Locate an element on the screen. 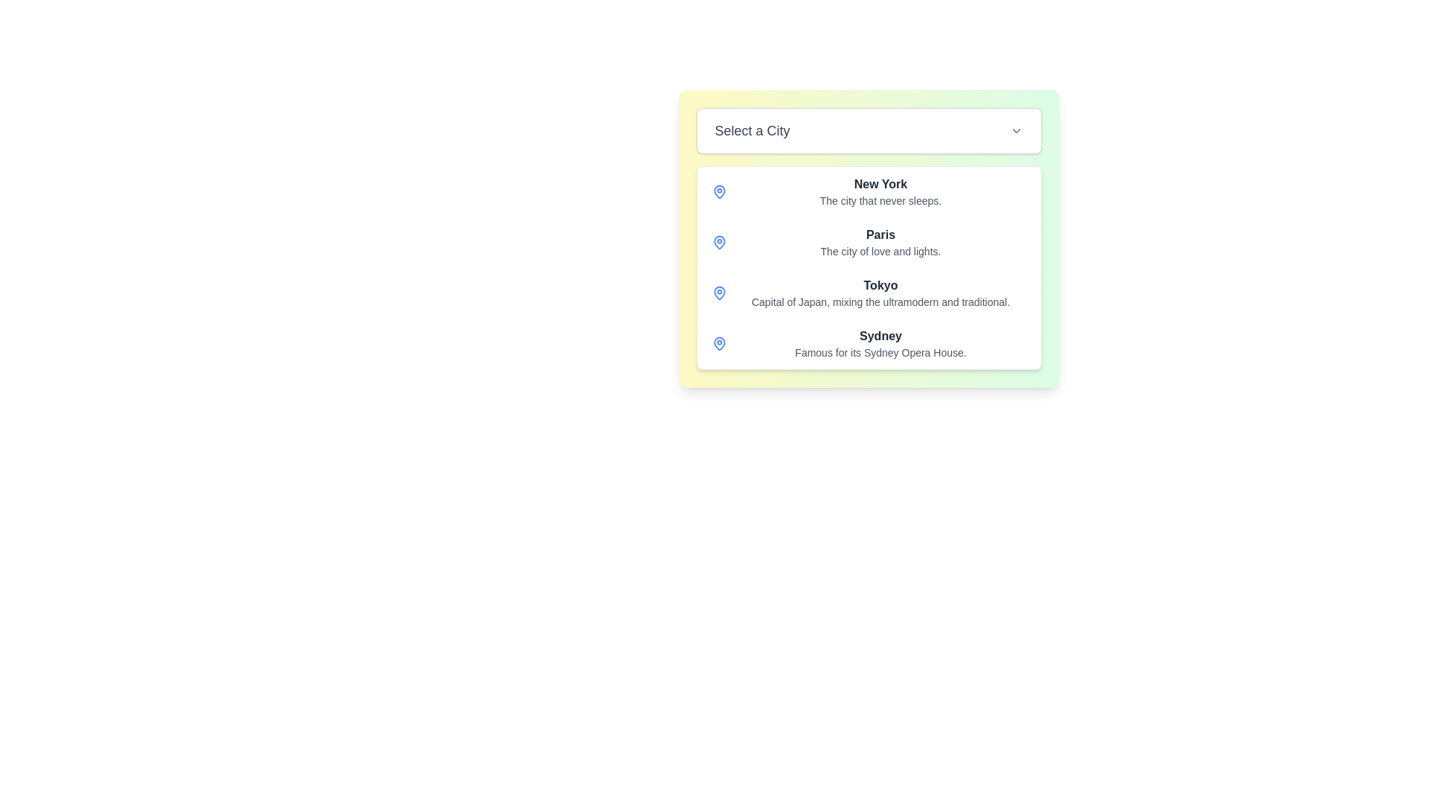 The width and height of the screenshot is (1429, 804). the graphical representation of the blue outlined location marker icon next to the 'Sydney' text in the dropdown list is located at coordinates (719, 344).